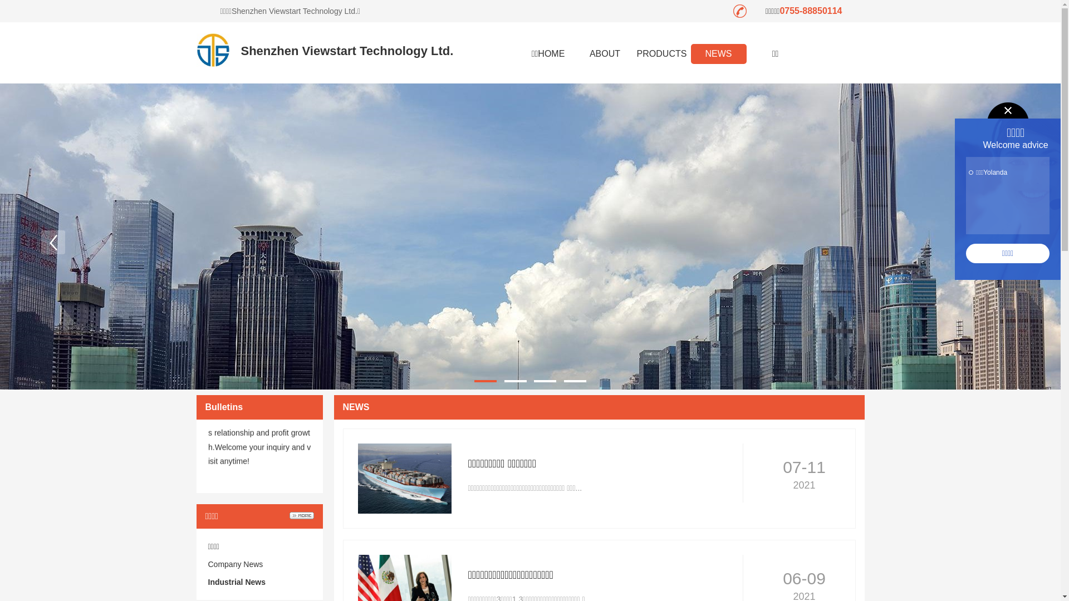 This screenshot has height=601, width=1069. I want to click on 'Industrial News', so click(236, 581).